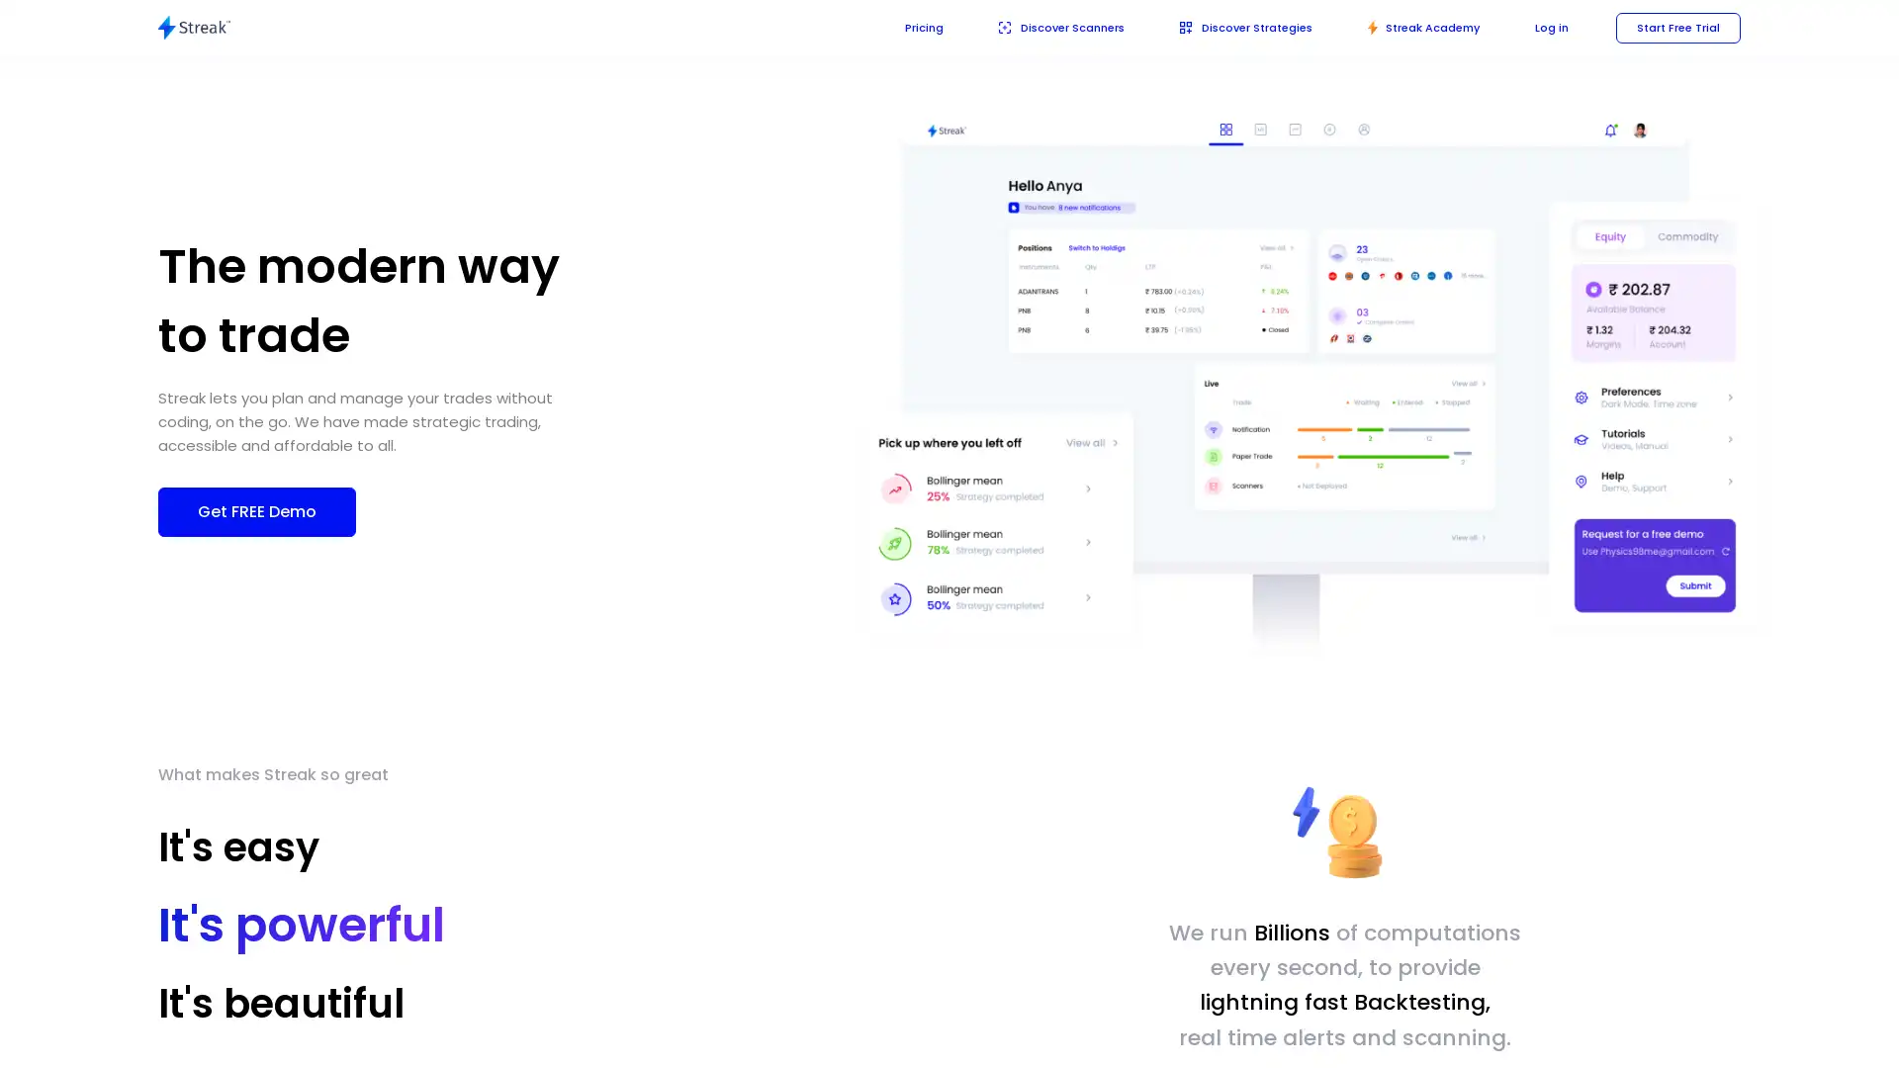  Describe the element at coordinates (255, 509) in the screenshot. I see `Get FREE Demo` at that location.